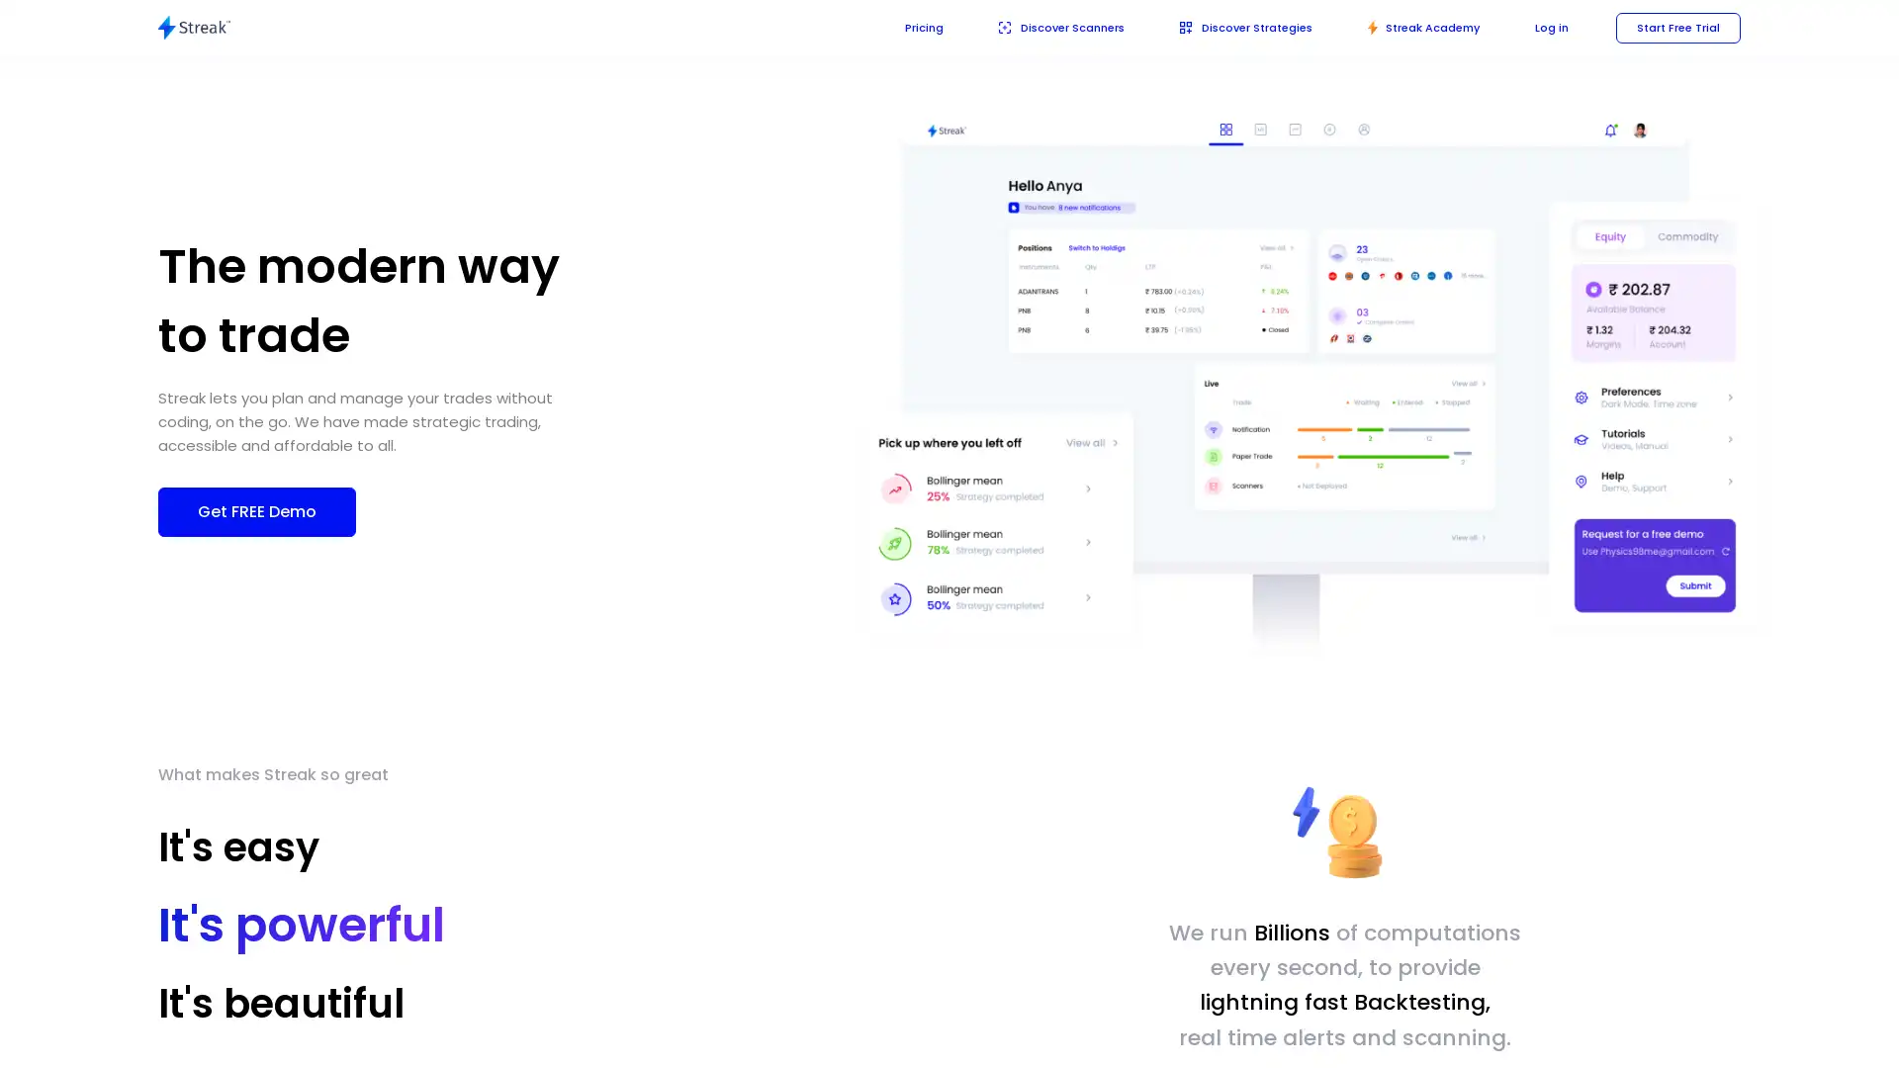  Describe the element at coordinates (255, 509) in the screenshot. I see `Get FREE Demo` at that location.